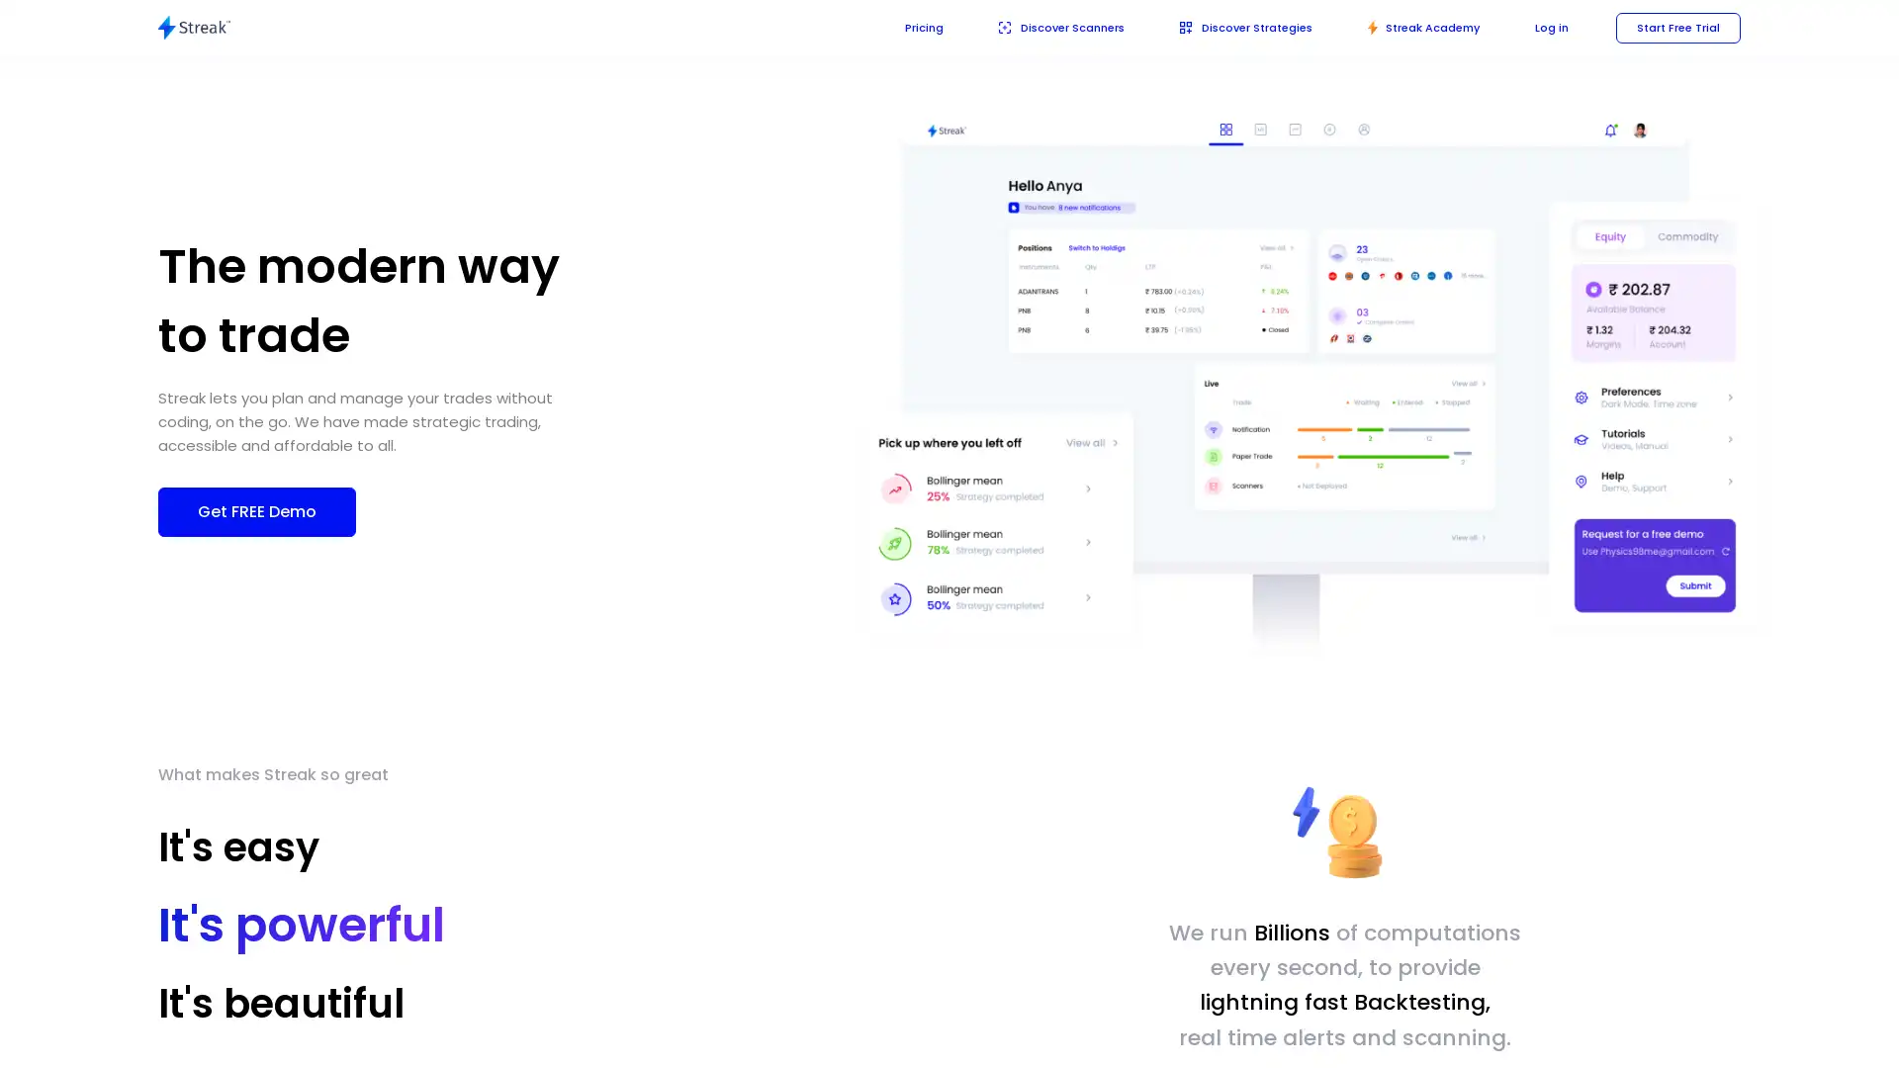  Describe the element at coordinates (255, 509) in the screenshot. I see `Get FREE Demo` at that location.